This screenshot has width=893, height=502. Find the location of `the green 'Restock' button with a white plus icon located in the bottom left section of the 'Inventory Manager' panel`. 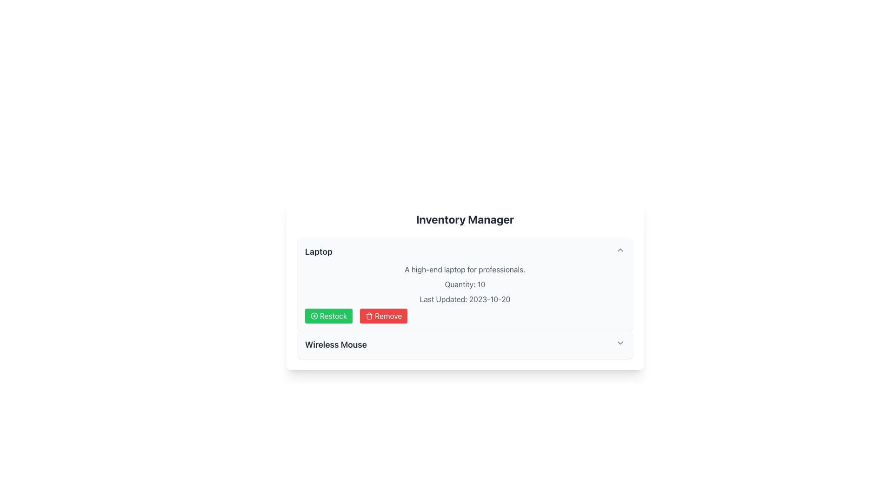

the green 'Restock' button with a white plus icon located in the bottom left section of the 'Inventory Manager' panel is located at coordinates (329, 315).